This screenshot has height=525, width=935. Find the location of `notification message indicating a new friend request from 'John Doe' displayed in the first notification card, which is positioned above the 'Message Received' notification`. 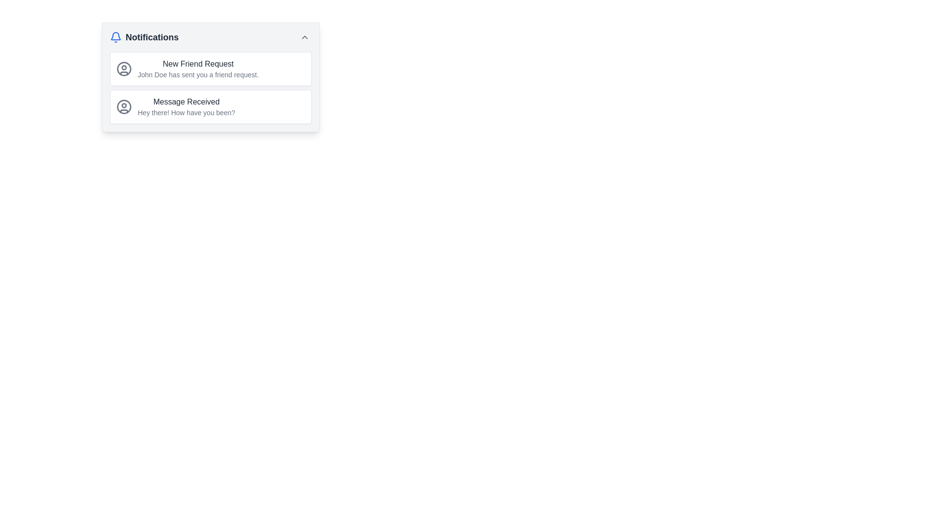

notification message indicating a new friend request from 'John Doe' displayed in the first notification card, which is positioned above the 'Message Received' notification is located at coordinates (198, 69).